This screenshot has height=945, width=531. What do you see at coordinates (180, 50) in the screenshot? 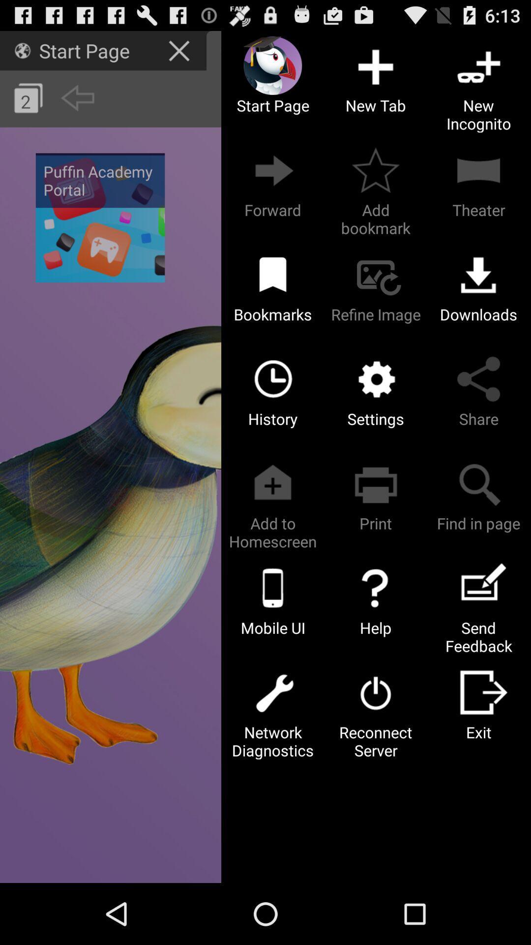
I see `cross sign right to start page` at bounding box center [180, 50].